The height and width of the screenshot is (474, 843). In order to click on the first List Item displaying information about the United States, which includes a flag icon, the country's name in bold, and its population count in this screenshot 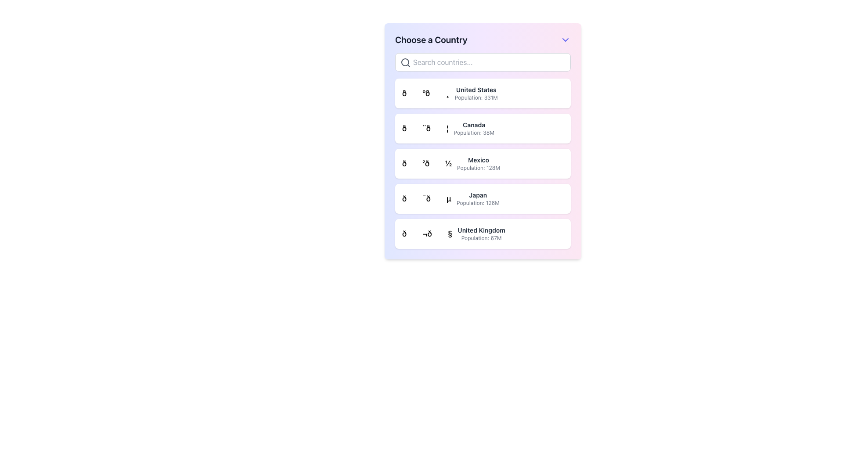, I will do `click(450, 93)`.